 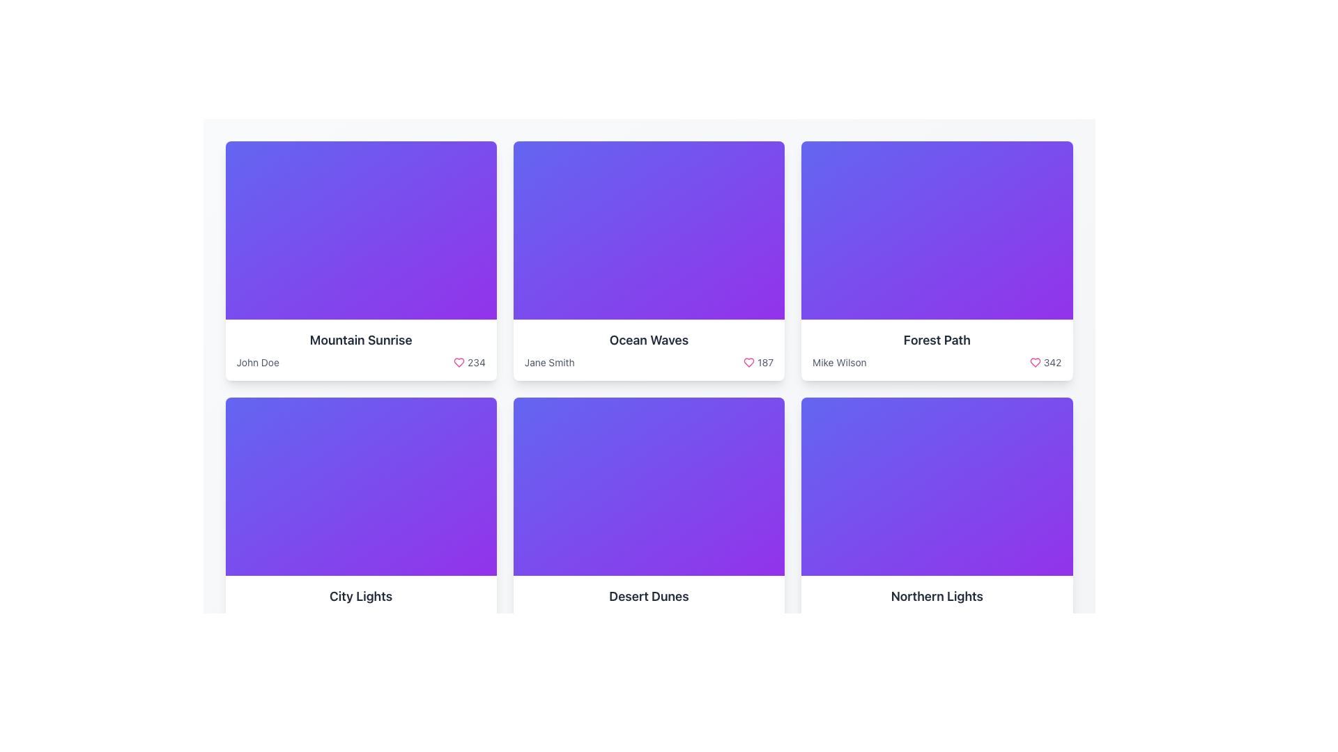 What do you see at coordinates (476, 361) in the screenshot?
I see `numeric value '234' displayed in the small gray text label located to the right of the pink heart icon in the 'Mountain Sunrise' card` at bounding box center [476, 361].